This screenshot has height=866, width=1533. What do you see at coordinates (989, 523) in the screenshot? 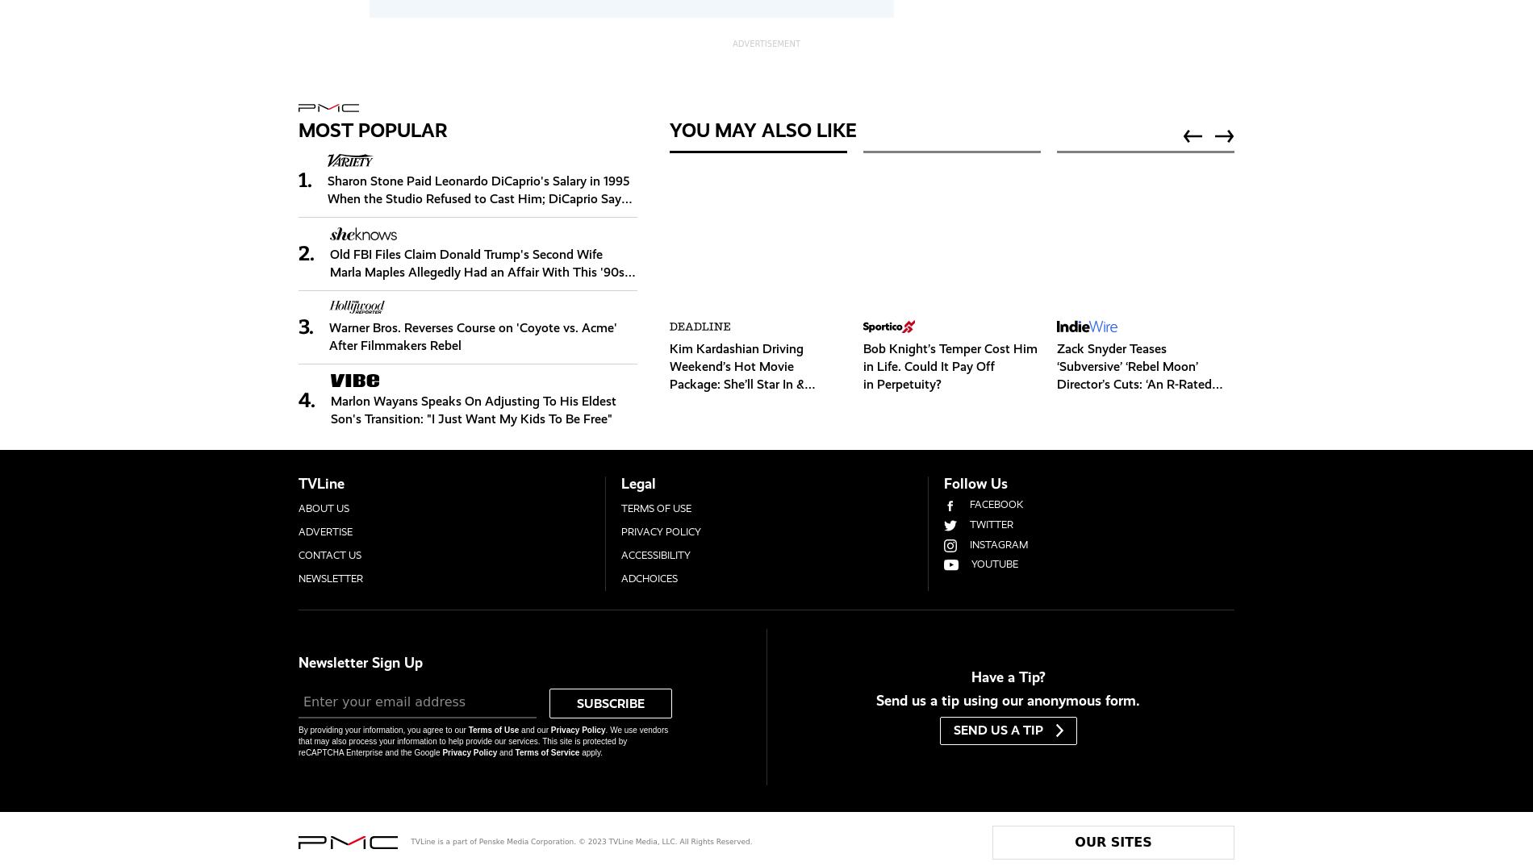
I see `'twitter'` at bounding box center [989, 523].